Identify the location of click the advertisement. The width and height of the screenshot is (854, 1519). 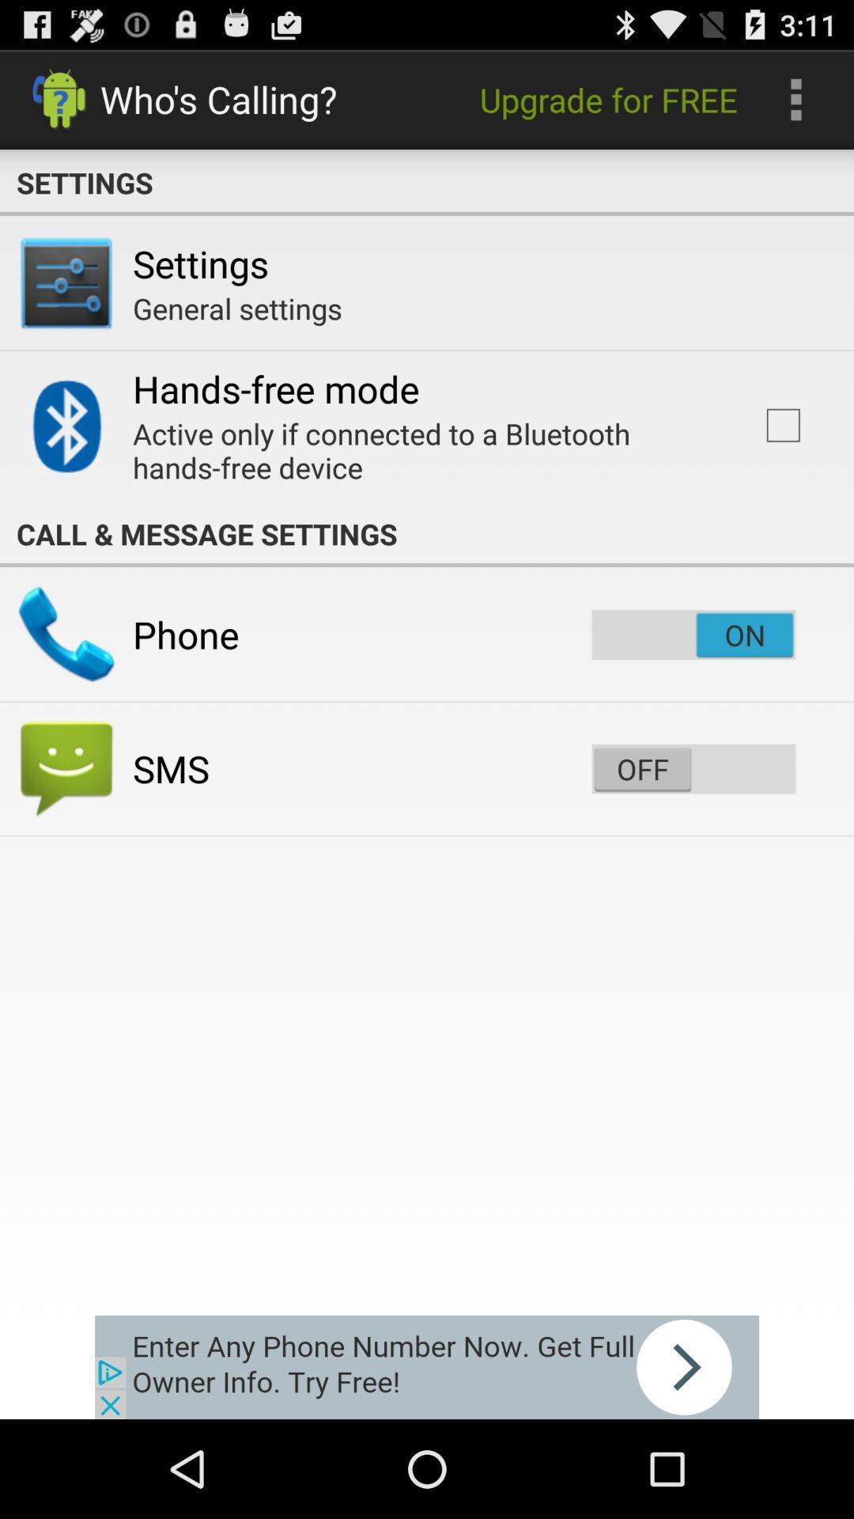
(427, 1366).